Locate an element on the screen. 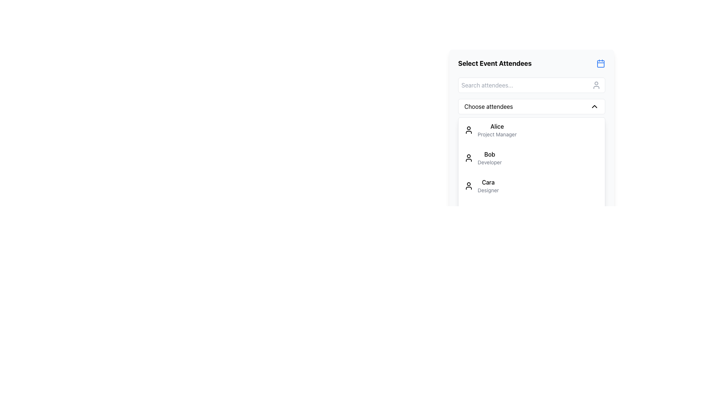  the text label displaying the name 'Alice' which is located above the designation 'Project Manager' in the attendee list is located at coordinates (497, 126).